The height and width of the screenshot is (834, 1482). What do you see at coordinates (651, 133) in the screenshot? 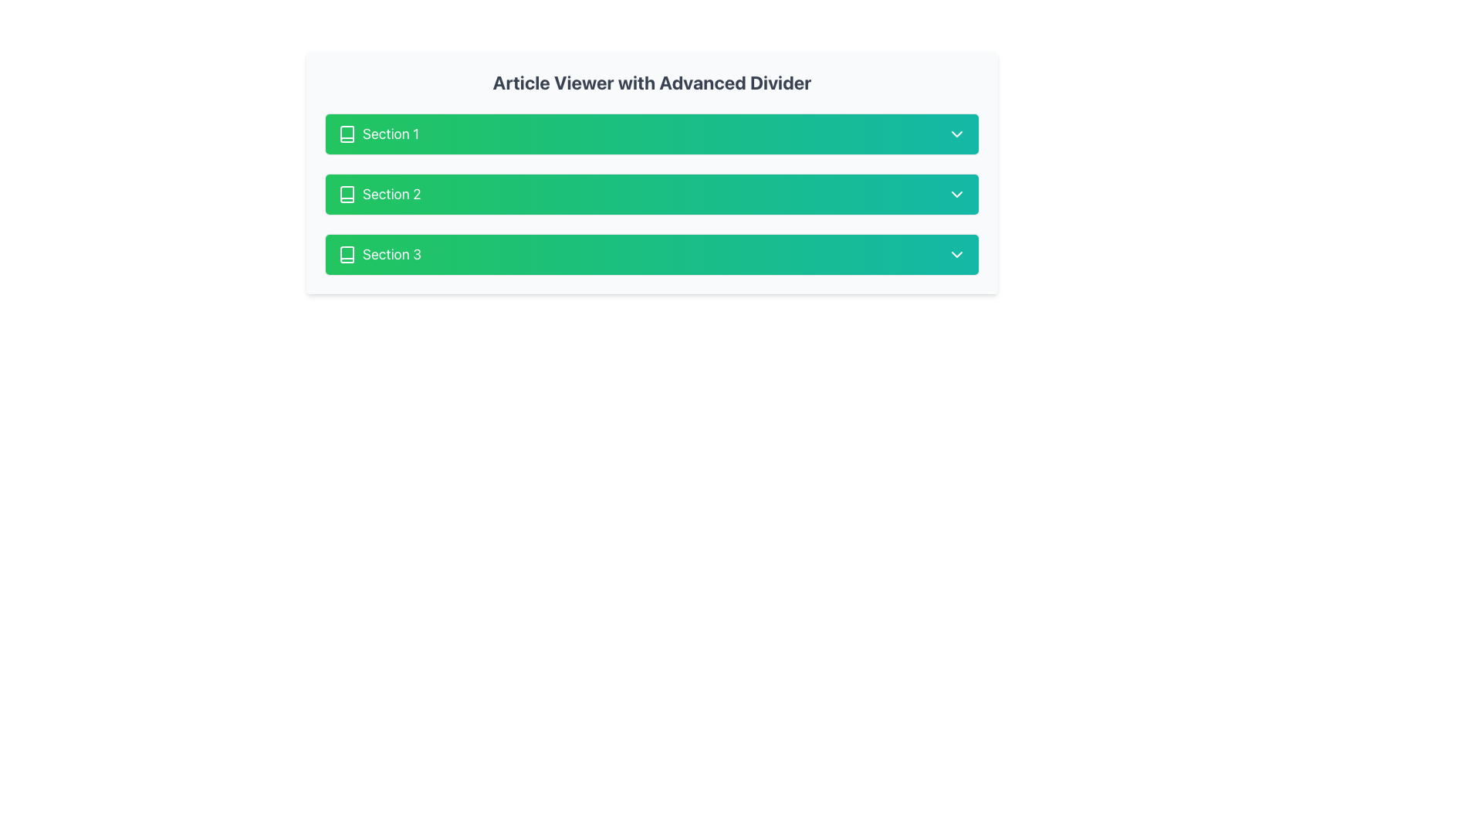
I see `the first button in the list under 'Article Viewer with Advanced Divider'` at bounding box center [651, 133].